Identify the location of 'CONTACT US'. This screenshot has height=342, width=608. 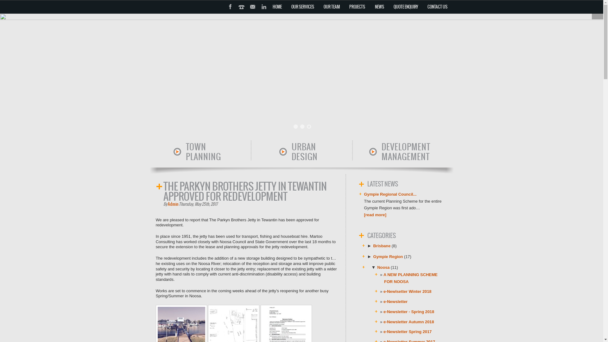
(424, 7).